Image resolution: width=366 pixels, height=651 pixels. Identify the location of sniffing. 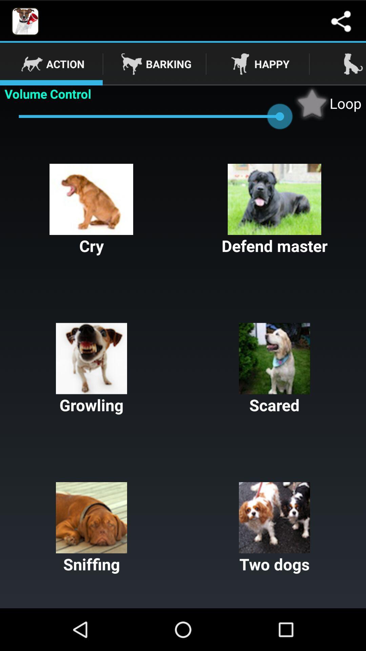
(91, 528).